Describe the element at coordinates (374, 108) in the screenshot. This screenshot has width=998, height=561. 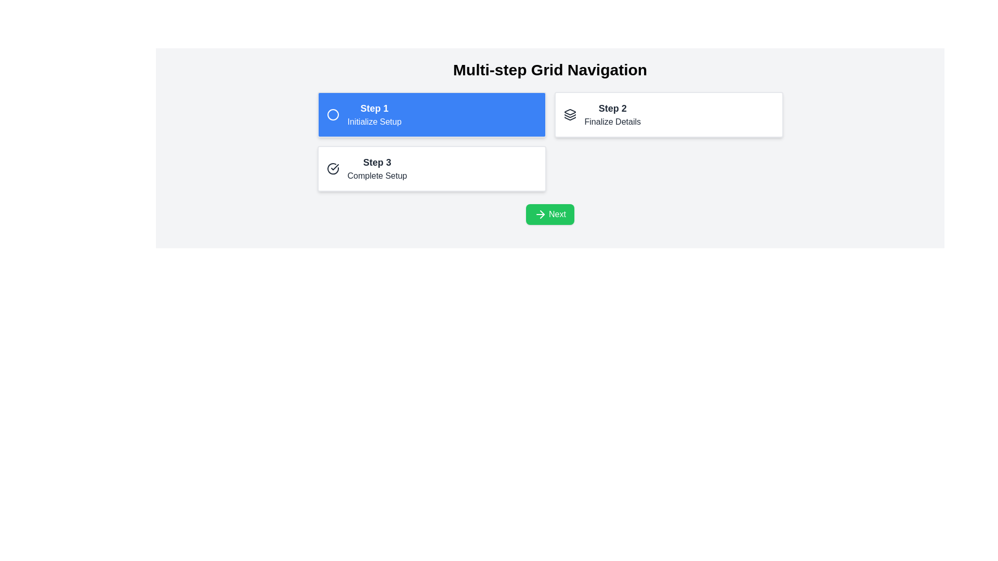
I see `text label displaying 'Step 1' which is prominently styled in white on a blue background at the upper-left side of the card component` at that location.